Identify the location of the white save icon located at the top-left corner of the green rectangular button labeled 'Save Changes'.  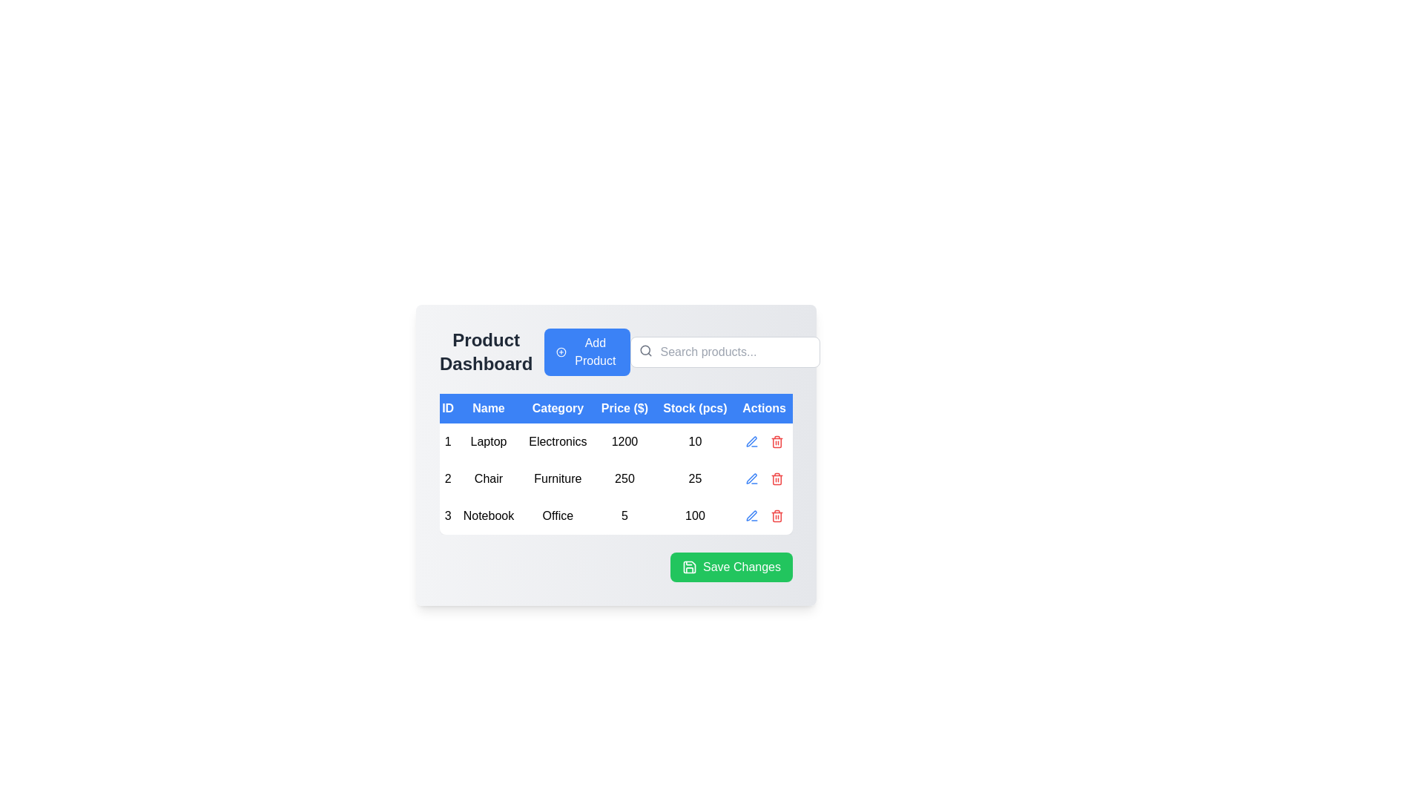
(689, 567).